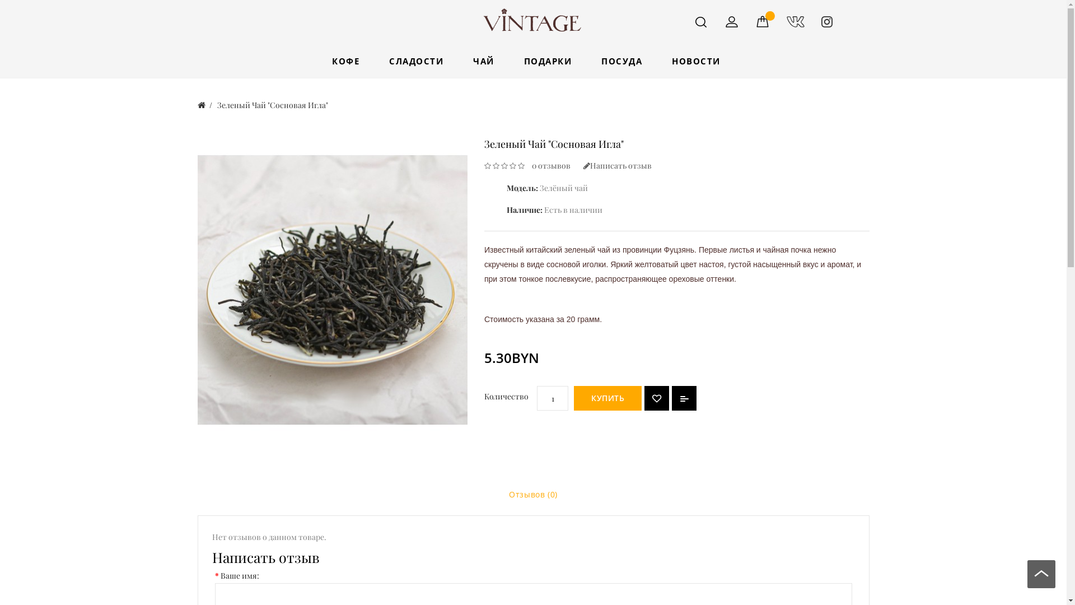 The width and height of the screenshot is (1075, 605). I want to click on 'TOP', so click(1041, 576).